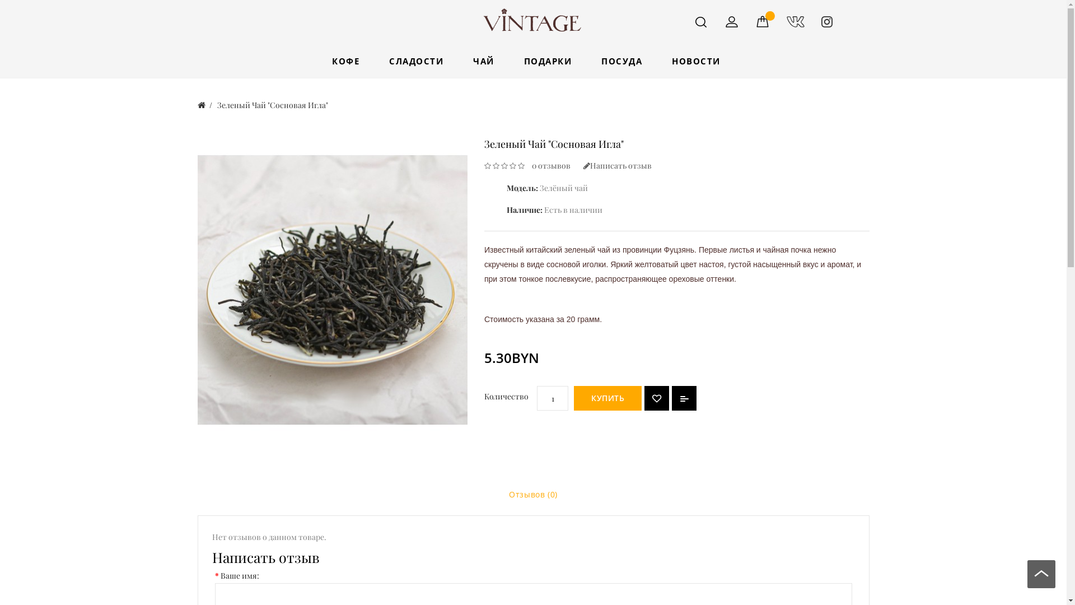 The width and height of the screenshot is (1075, 605). I want to click on 'TOP', so click(1041, 576).